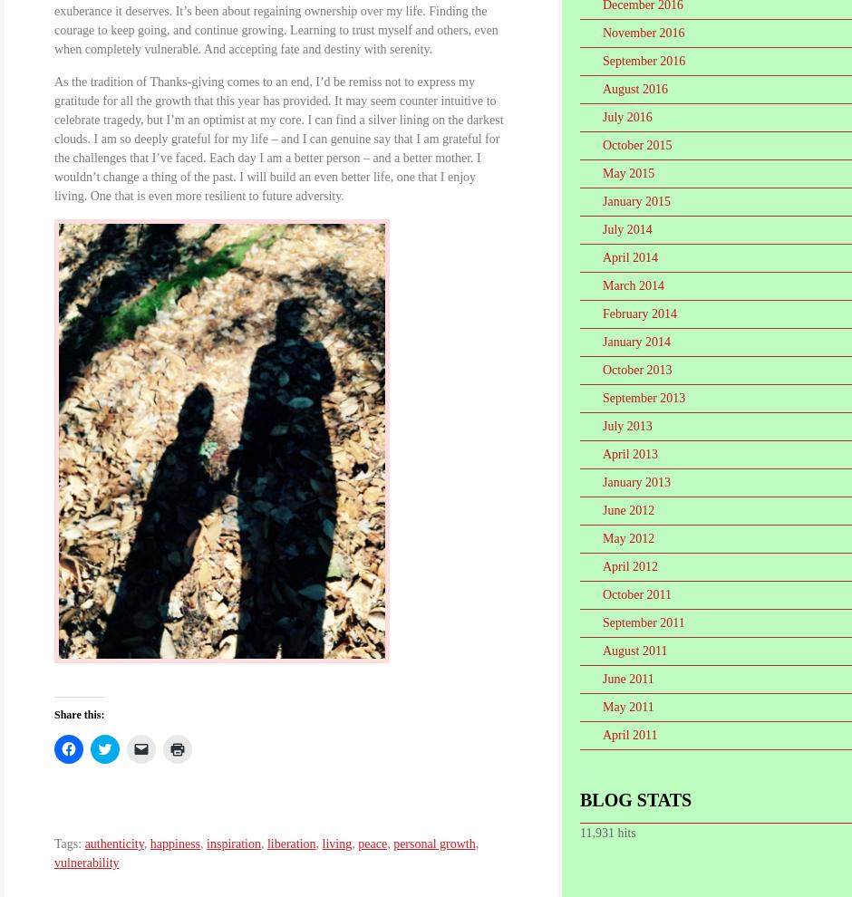 This screenshot has width=852, height=897. Describe the element at coordinates (277, 139) in the screenshot. I see `'As the tradition of Thanks-giving comes to an end, I’d be remiss not to express my gratitude for all the growth that this year has provided. It may seem counter intuitive to celebrate tragedy, but I’m an optimist at my core. I can find a silver lining on the darkest clouds. I am so deeply grateful for my life – and I can genuine say that I am grateful for the challenges that I’ve faced. Each day I am a better person – and a better mother. I wouldn’t change a thing of the past. I will build an even better life, one that I enjoy living. One that is even more resilient to future adversity.'` at that location.